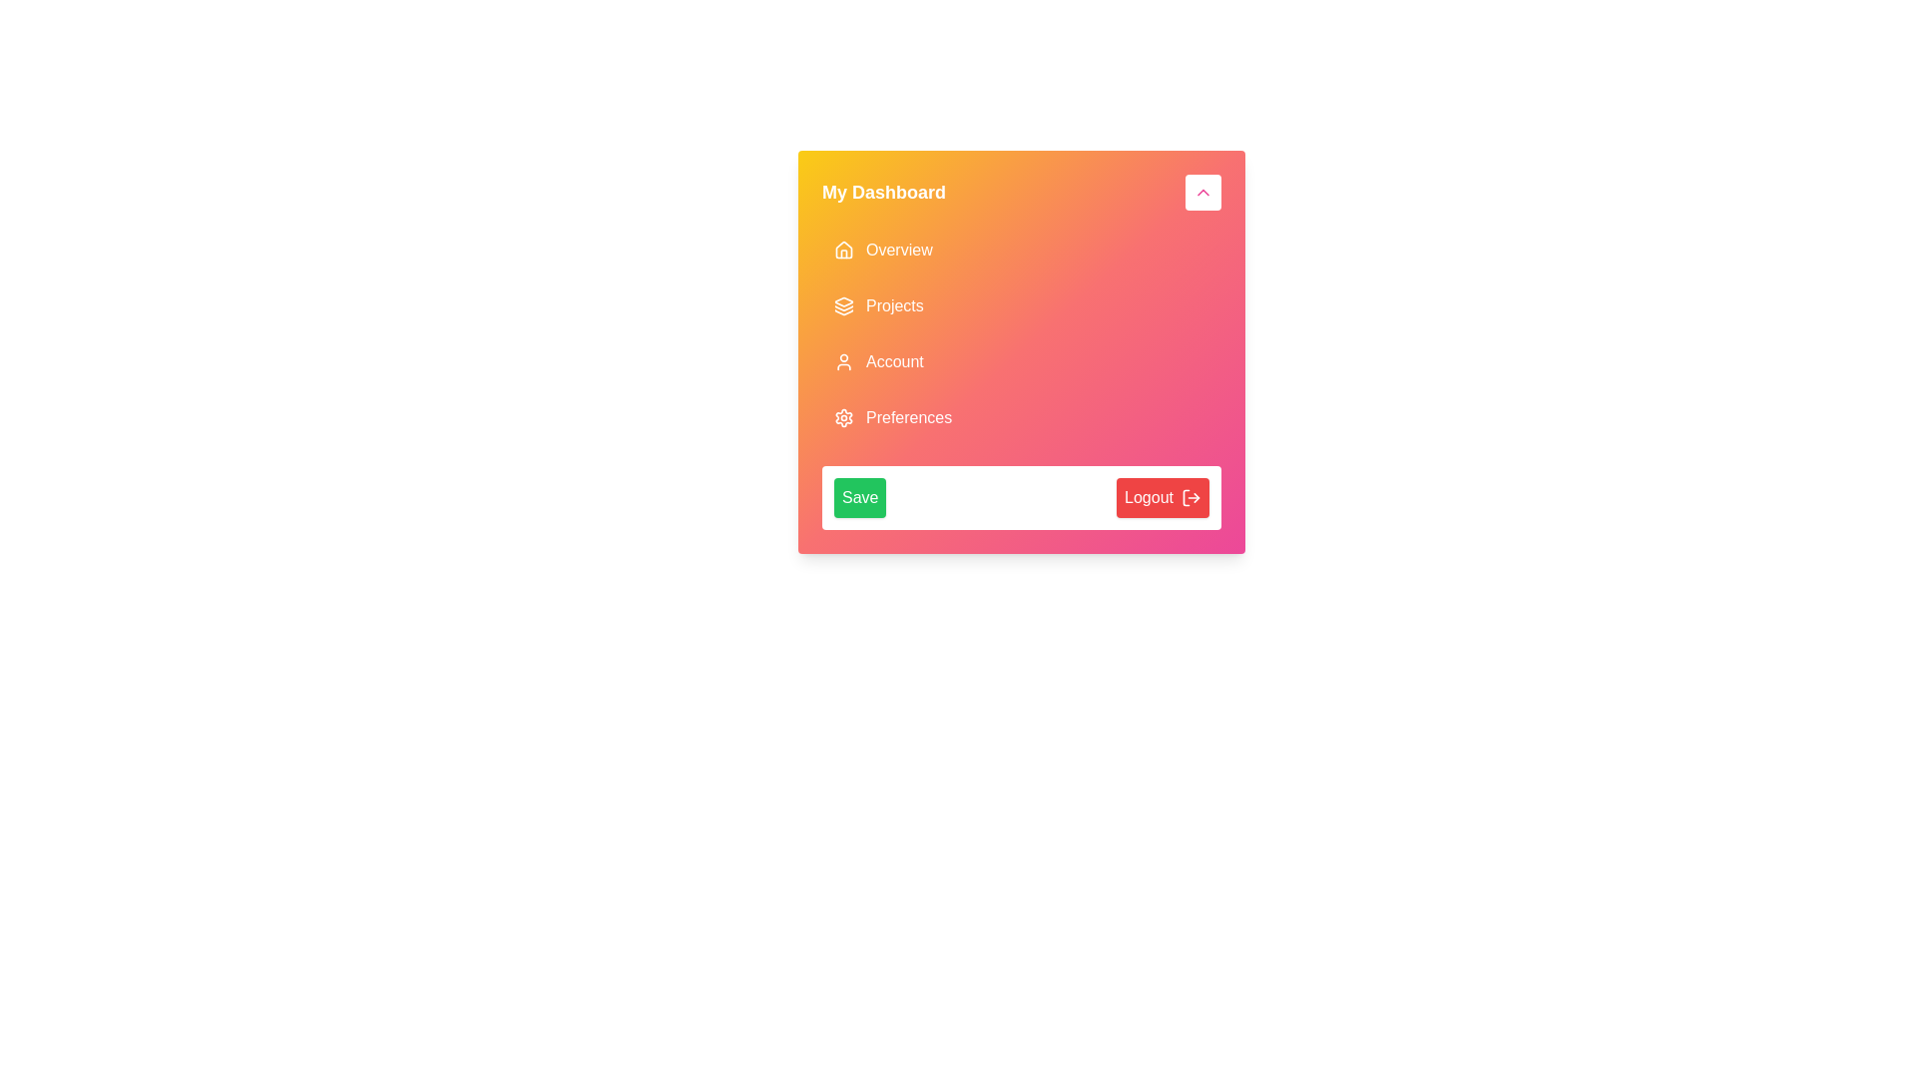 This screenshot has height=1078, width=1916. Describe the element at coordinates (908, 417) in the screenshot. I see `the 'Preferences' text label styled in white font on a pink-orange gradient background` at that location.